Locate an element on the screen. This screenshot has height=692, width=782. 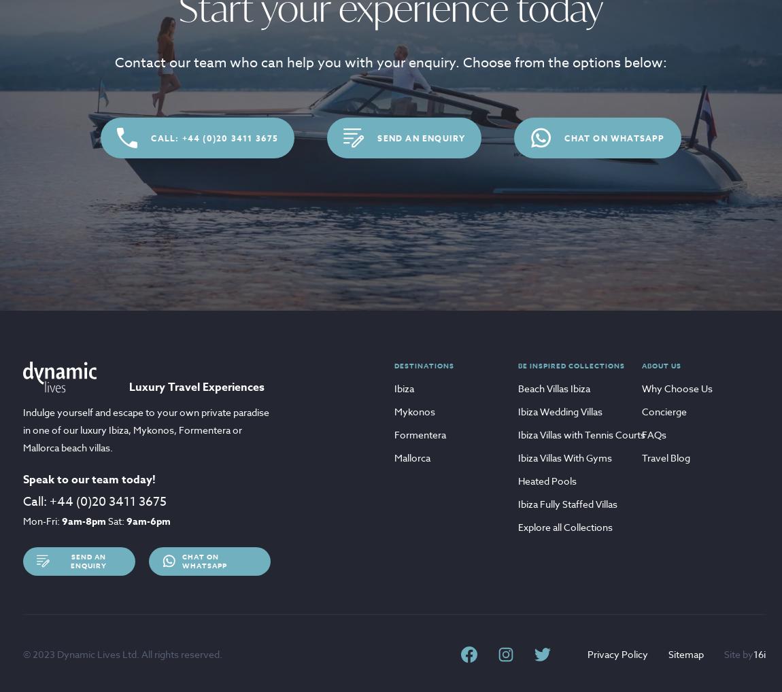
'Call: +44 (0)20 3411 3675' is located at coordinates (214, 137).